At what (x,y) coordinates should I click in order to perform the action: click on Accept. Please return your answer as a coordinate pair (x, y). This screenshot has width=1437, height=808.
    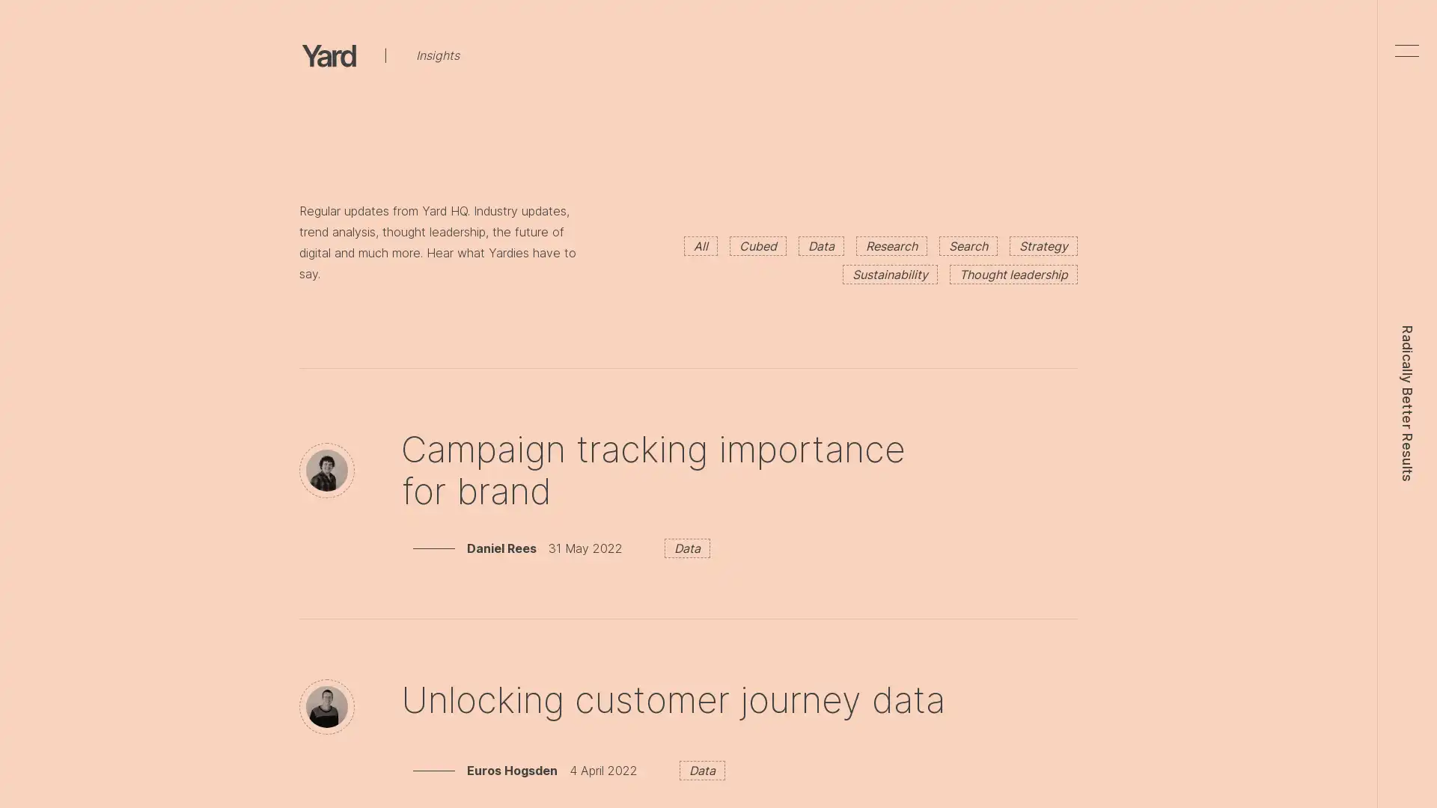
    Looking at the image, I should click on (1042, 34).